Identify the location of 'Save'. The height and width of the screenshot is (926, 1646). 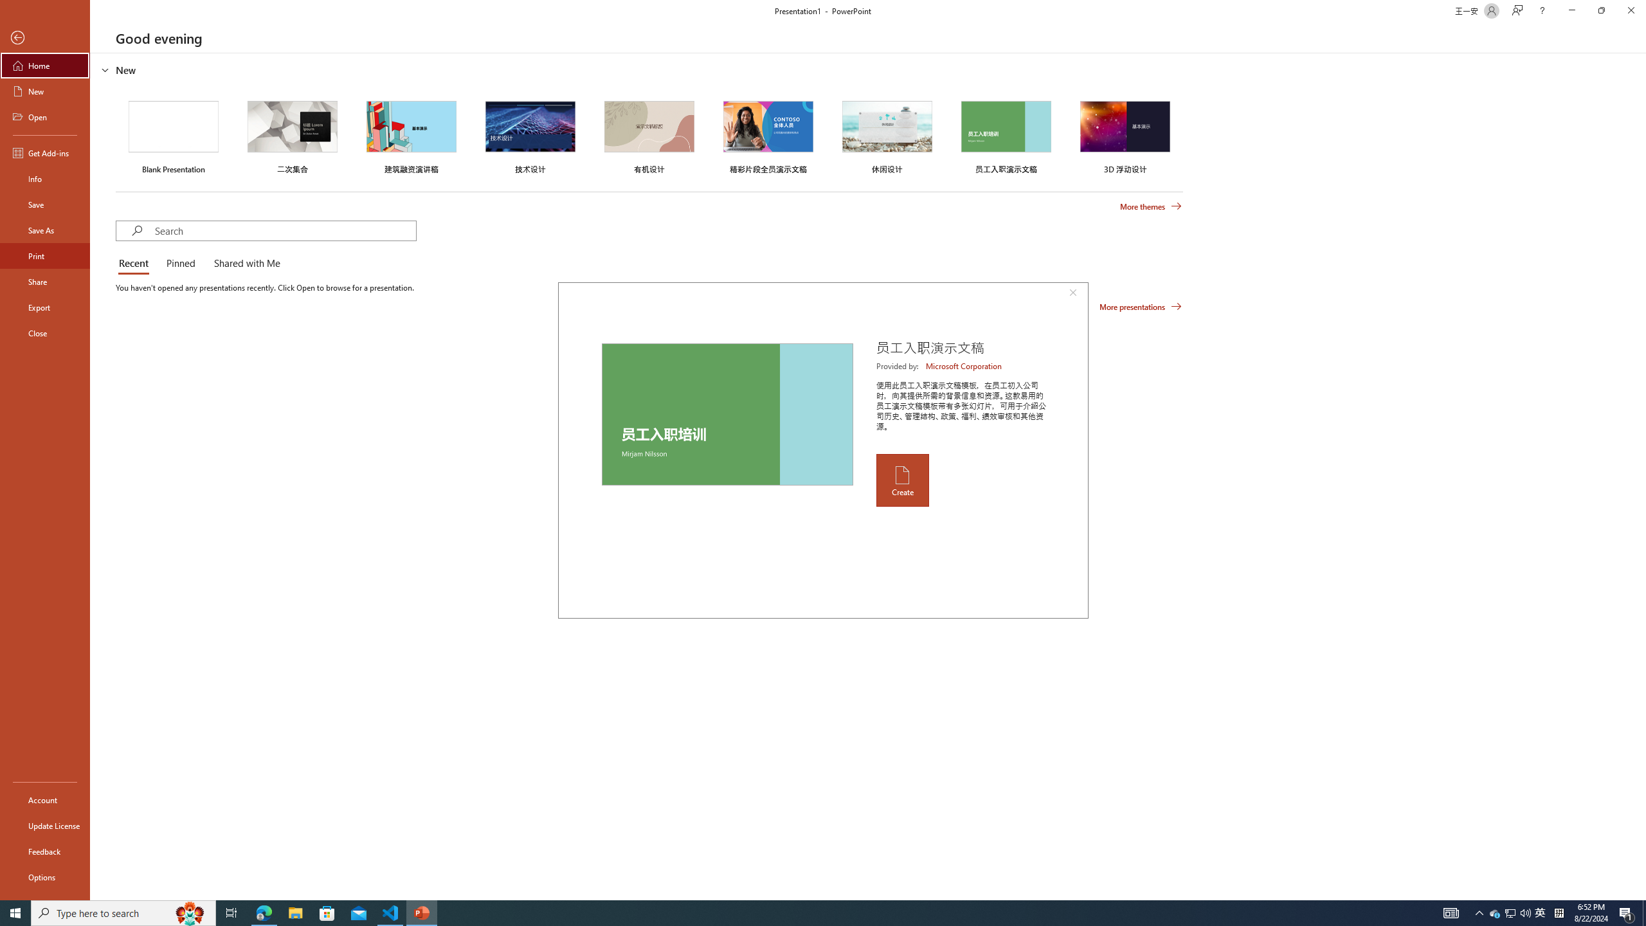
(44, 204).